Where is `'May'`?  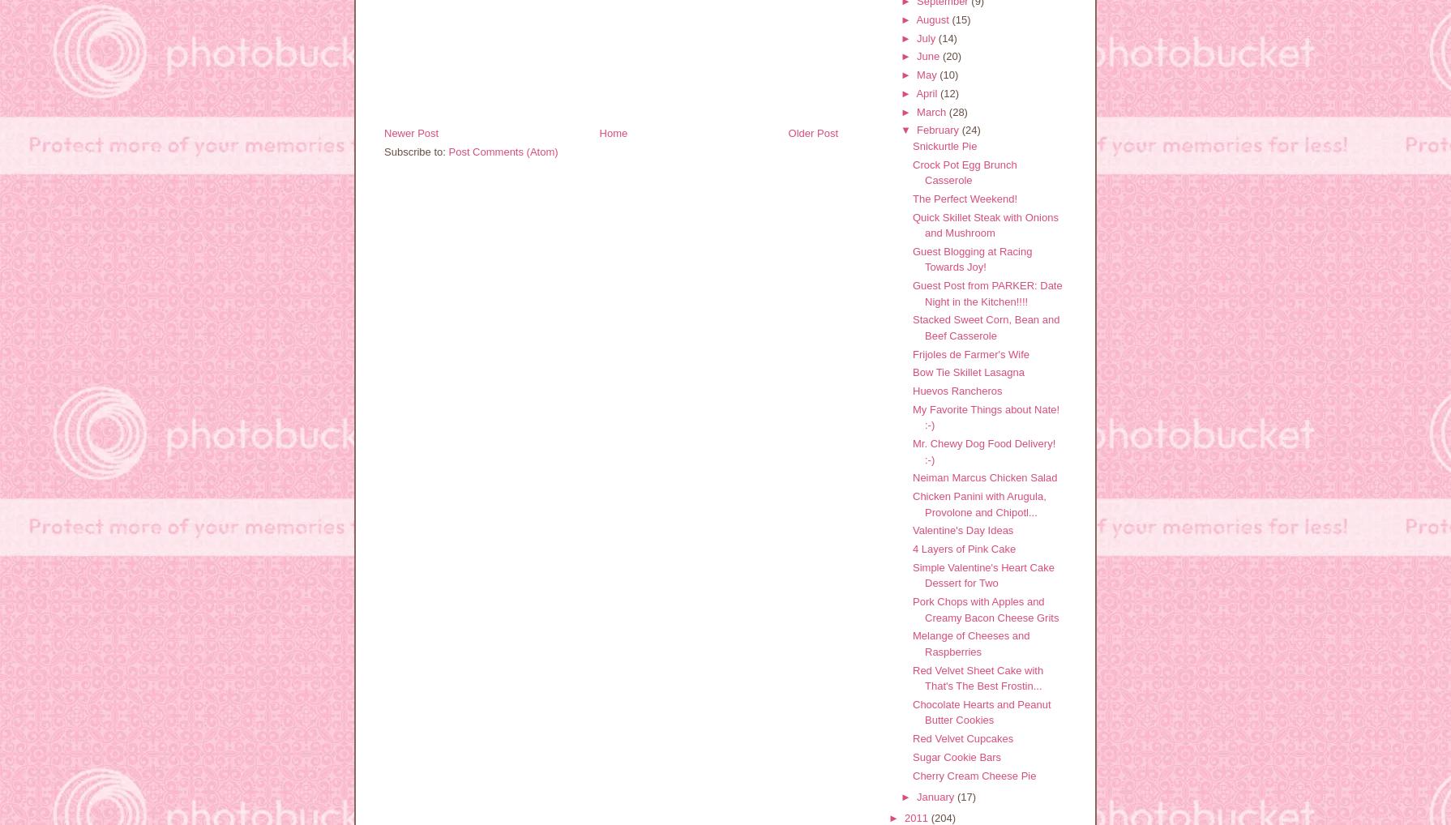 'May' is located at coordinates (916, 75).